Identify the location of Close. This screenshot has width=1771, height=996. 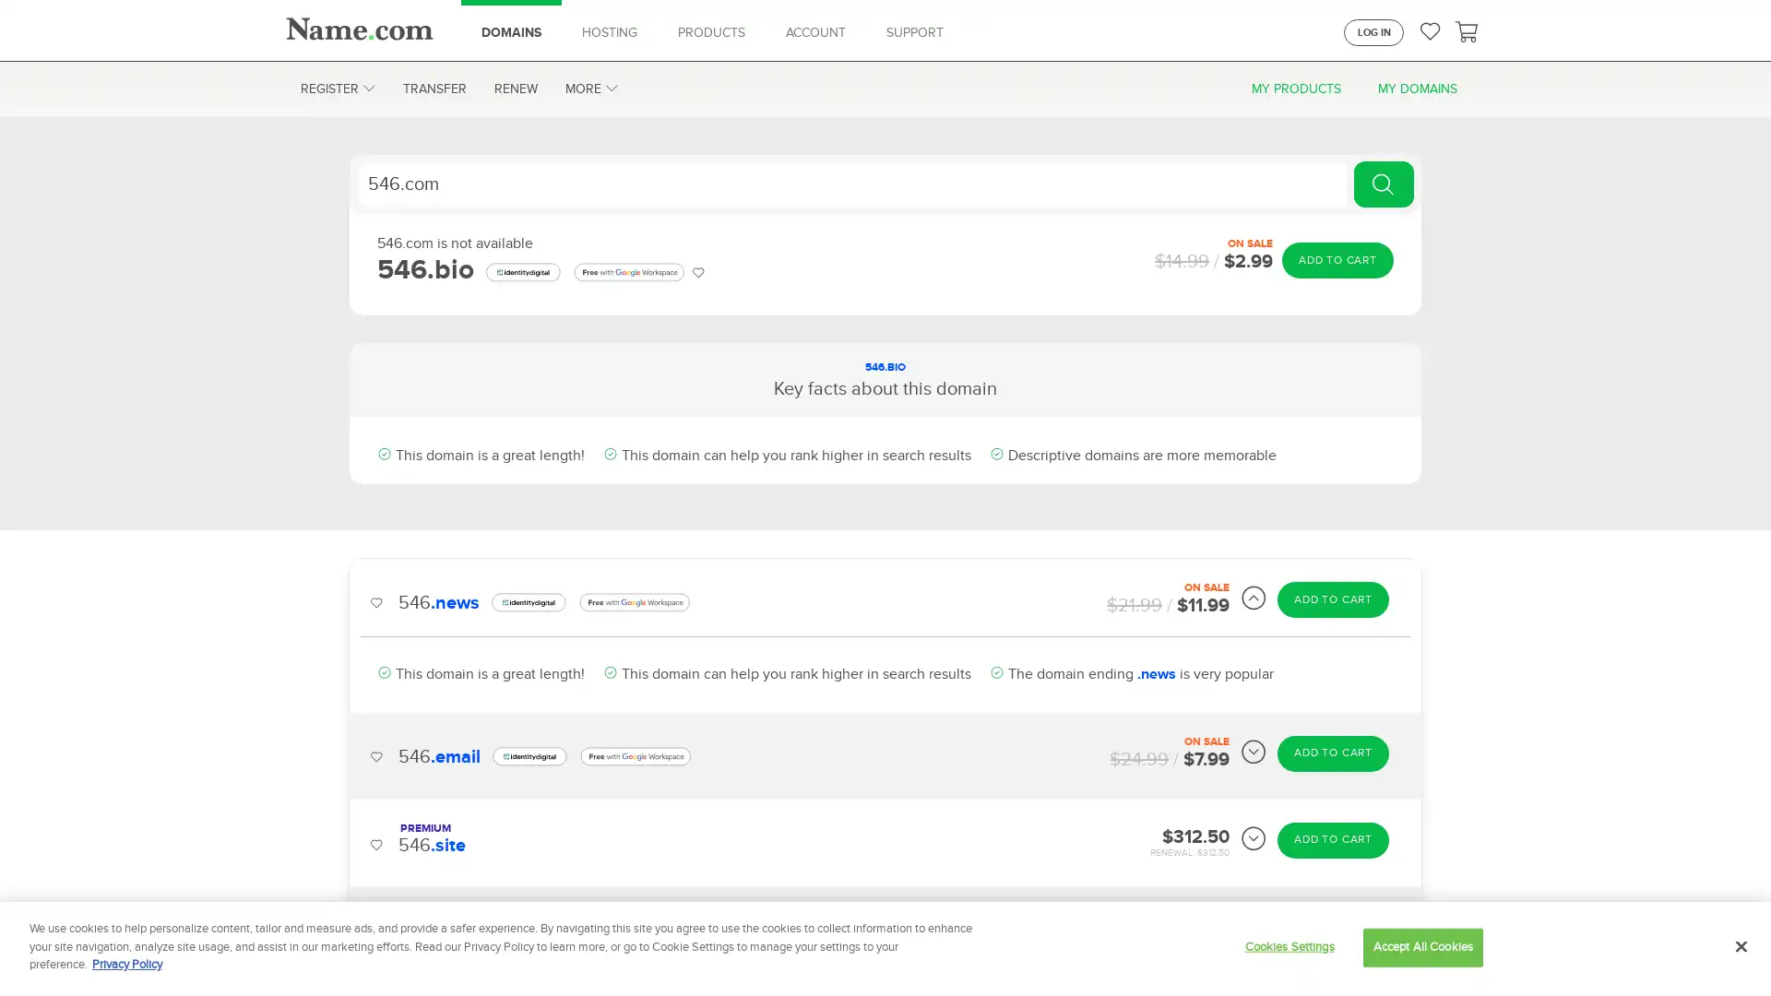
(1740, 946).